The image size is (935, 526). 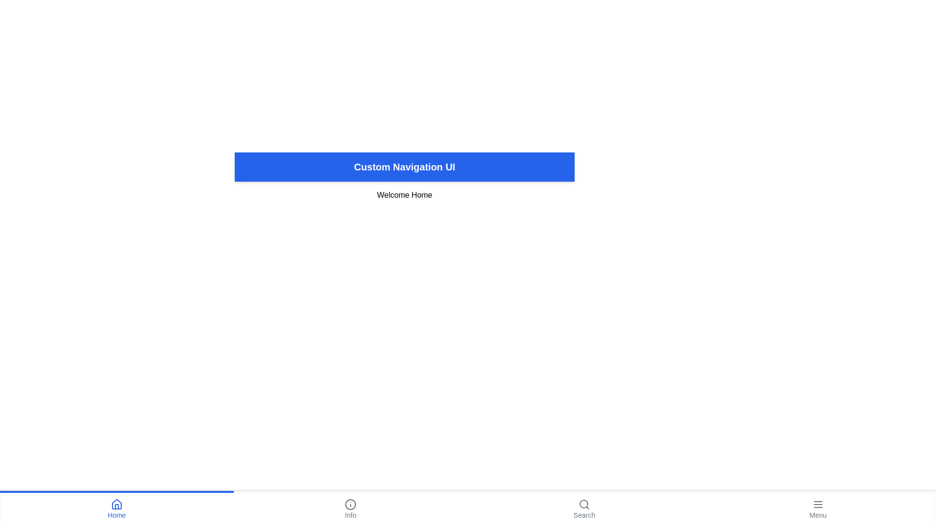 I want to click on the static banner or header text located at the top section of the interface, which serves as the title indicating the context of the navigation UI, so click(x=404, y=167).